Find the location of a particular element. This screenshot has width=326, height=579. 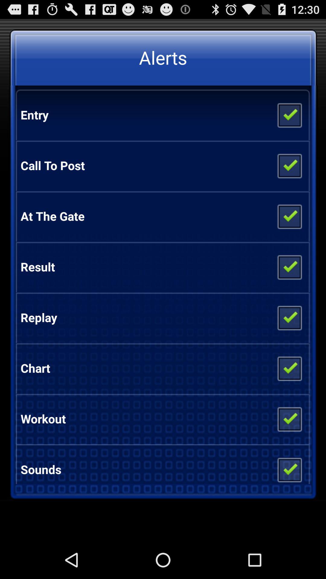

checked box is located at coordinates (289, 165).